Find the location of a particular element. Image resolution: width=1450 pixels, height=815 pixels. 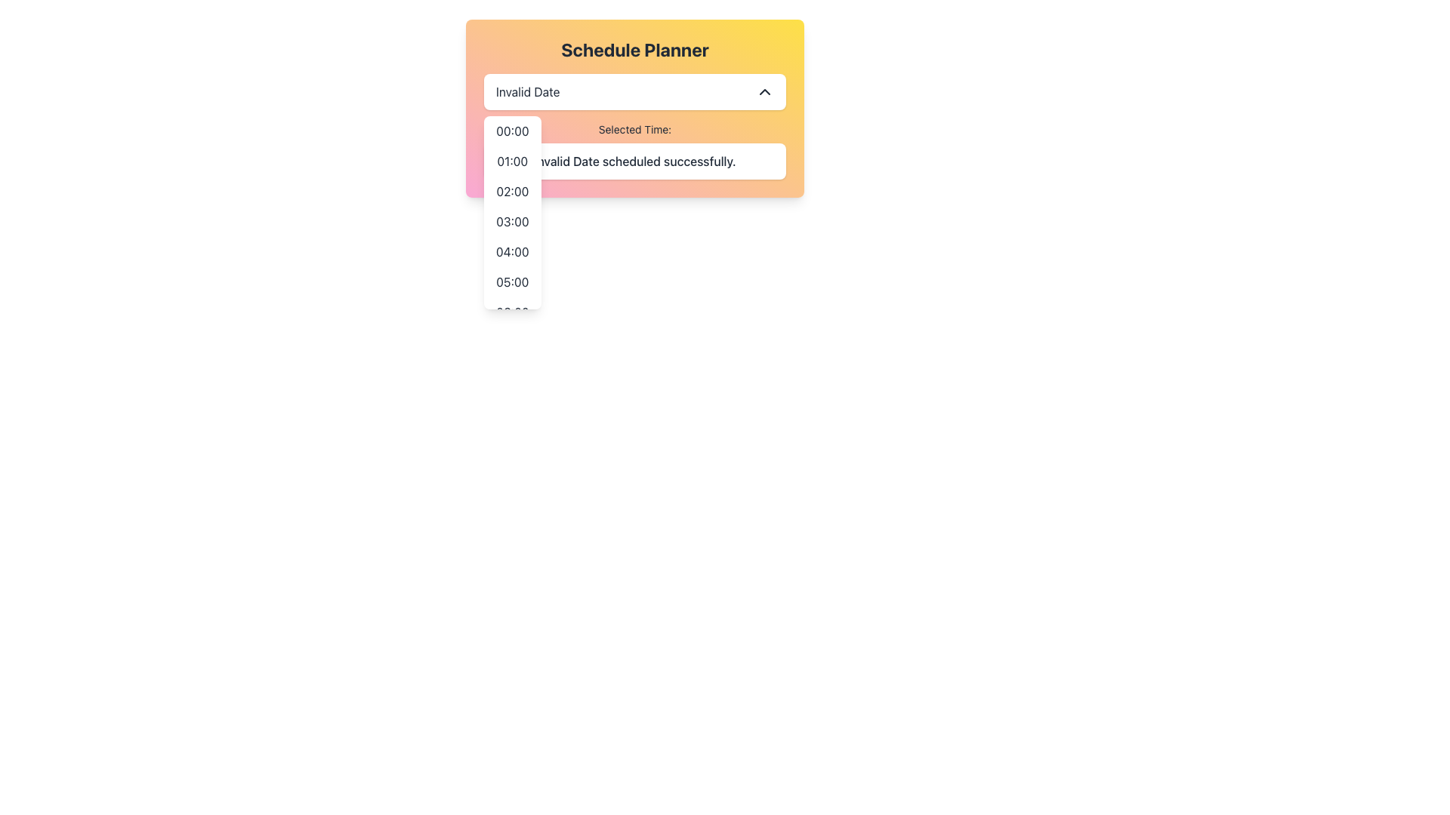

to select the List Item displaying '05:00', the sixth item in a vertical list of time slots, which changes background color on hover is located at coordinates (512, 282).